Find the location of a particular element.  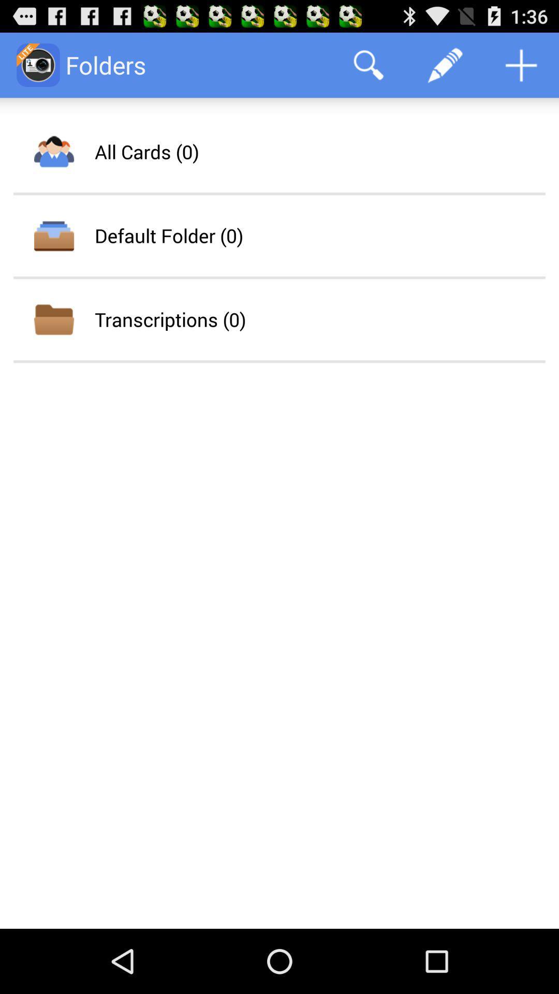

the item above transcriptions (0) app is located at coordinates (168, 235).